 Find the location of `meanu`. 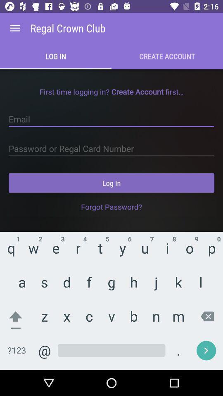

meanu is located at coordinates (15, 28).